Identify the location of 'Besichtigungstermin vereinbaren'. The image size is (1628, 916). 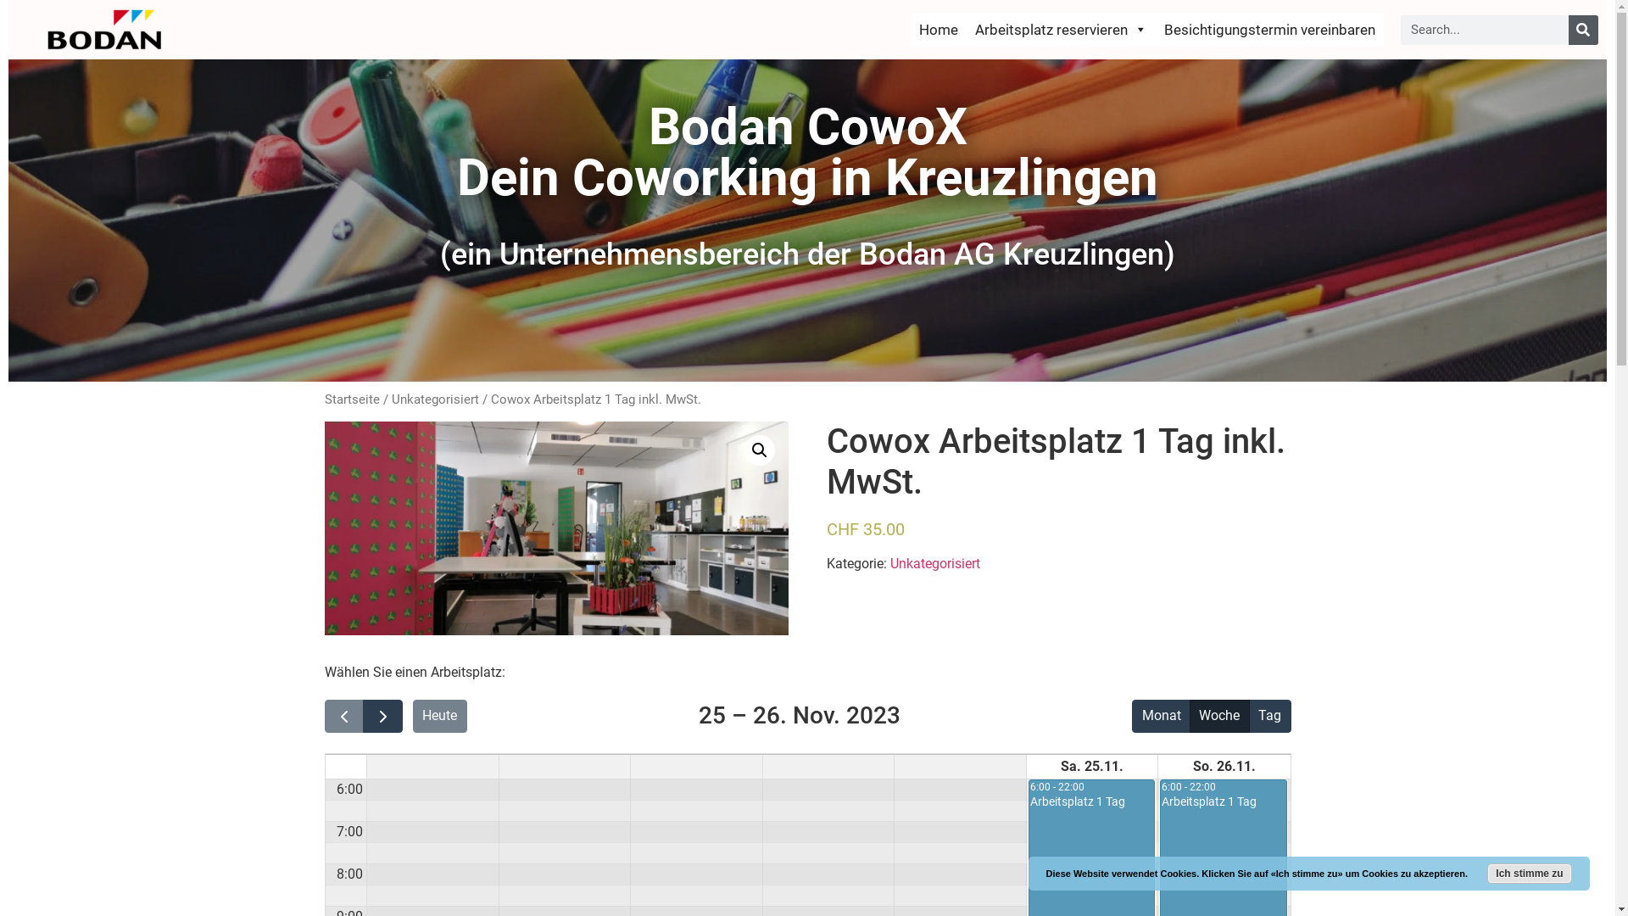
(1269, 29).